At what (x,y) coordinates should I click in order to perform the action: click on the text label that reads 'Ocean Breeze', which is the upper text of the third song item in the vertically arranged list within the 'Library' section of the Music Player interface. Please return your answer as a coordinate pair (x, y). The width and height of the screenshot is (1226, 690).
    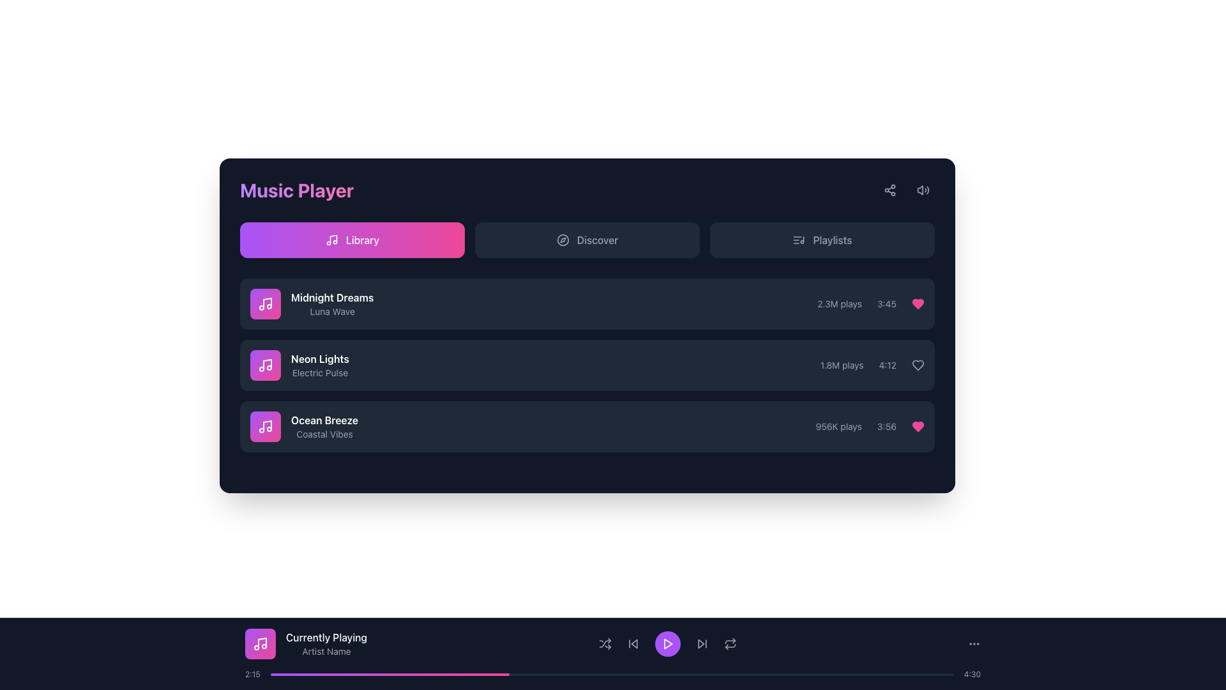
    Looking at the image, I should click on (324, 420).